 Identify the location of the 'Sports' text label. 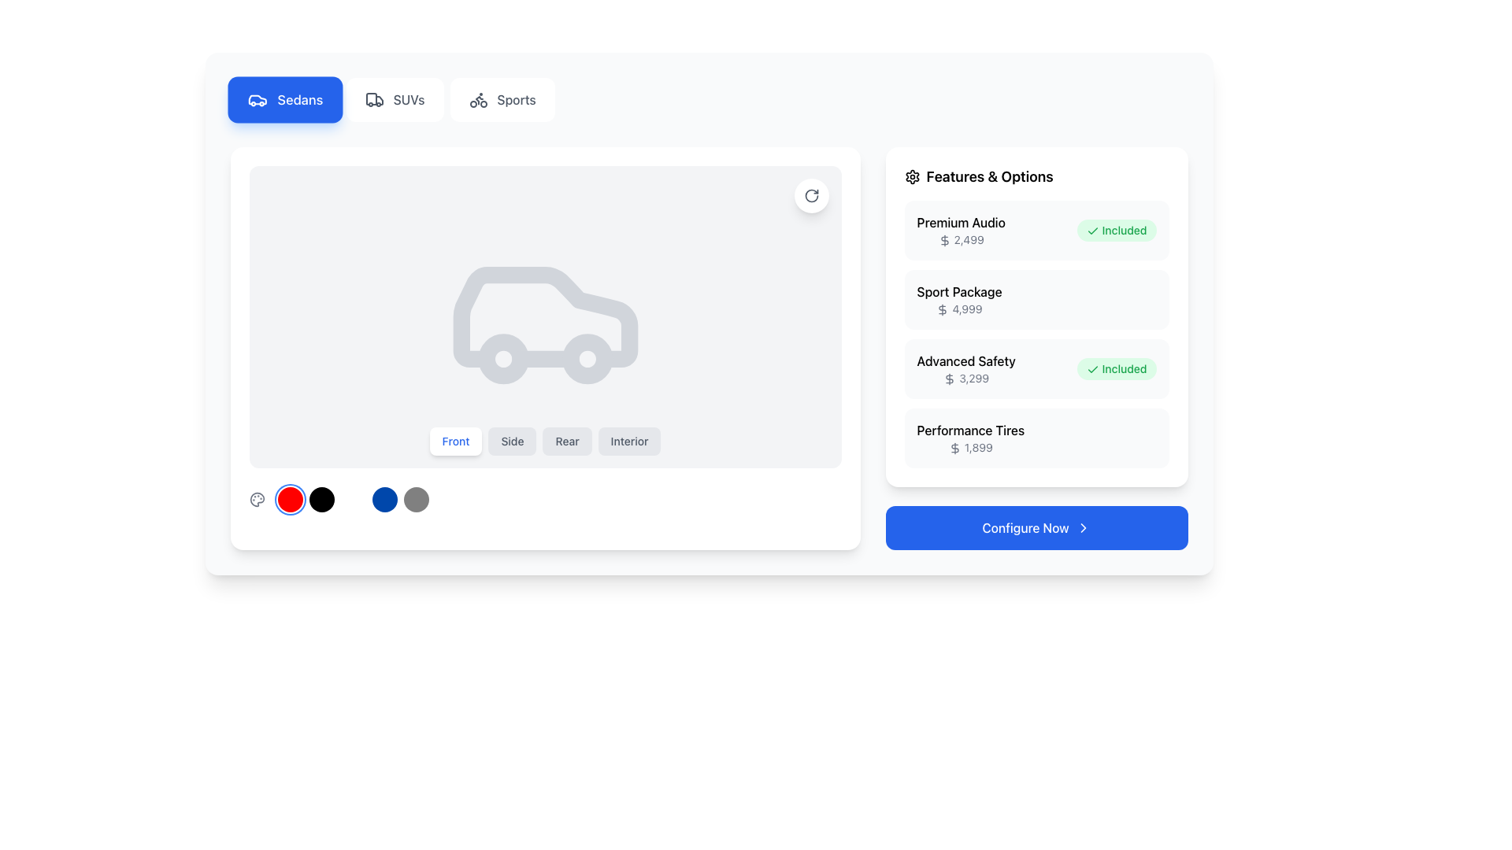
(517, 100).